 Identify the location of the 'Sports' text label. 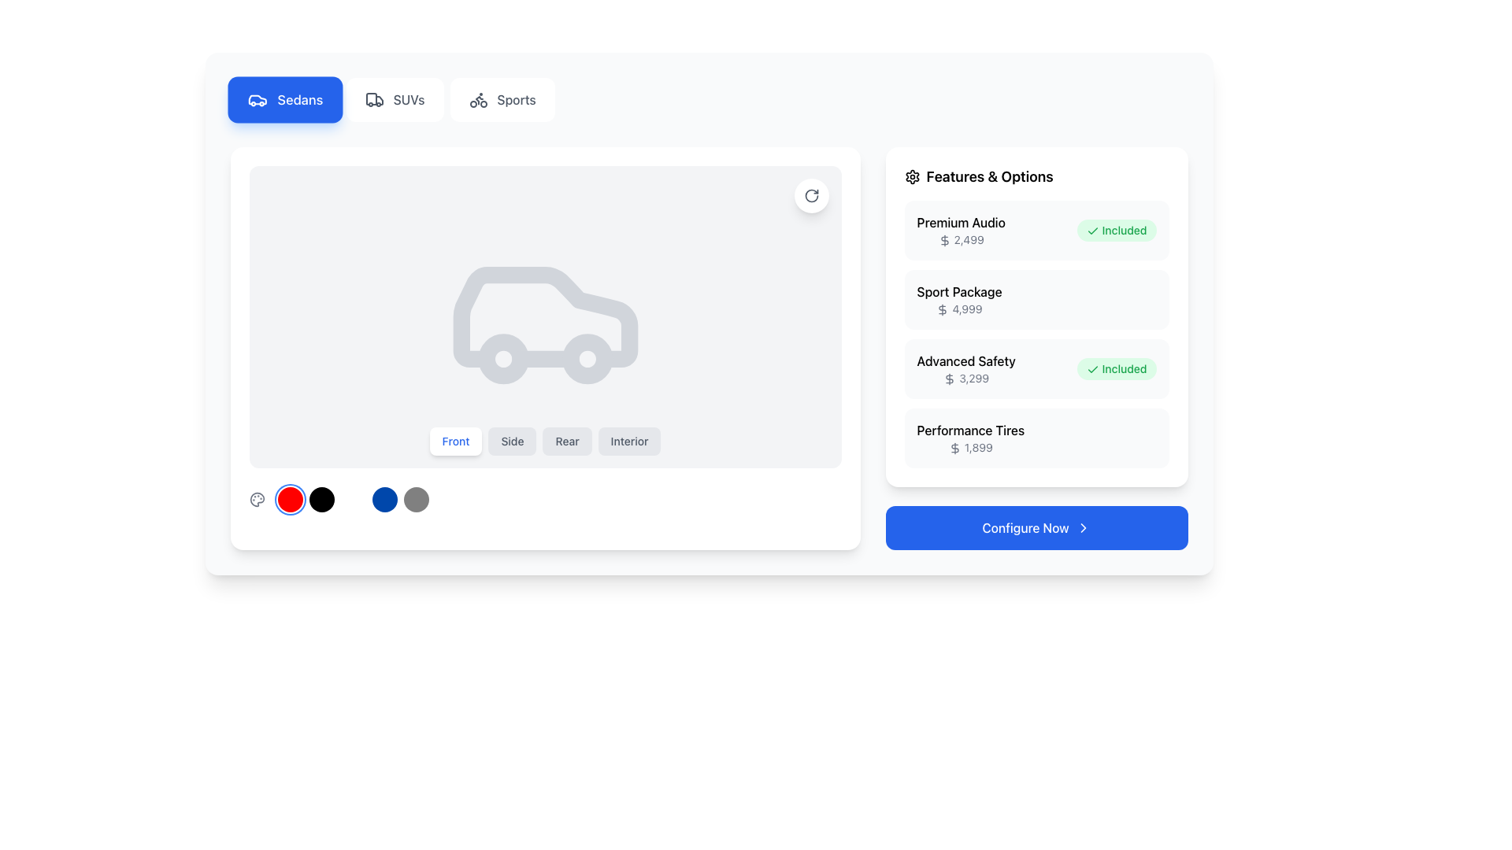
(517, 100).